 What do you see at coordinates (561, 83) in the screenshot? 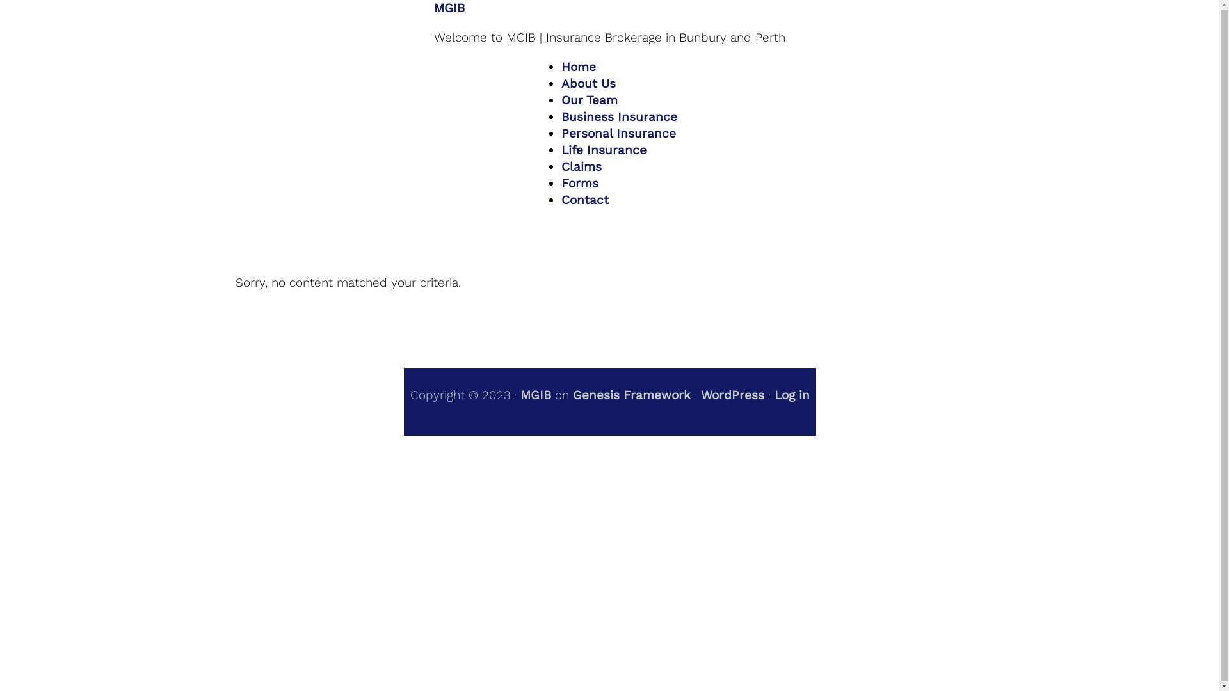
I see `'About Us'` at bounding box center [561, 83].